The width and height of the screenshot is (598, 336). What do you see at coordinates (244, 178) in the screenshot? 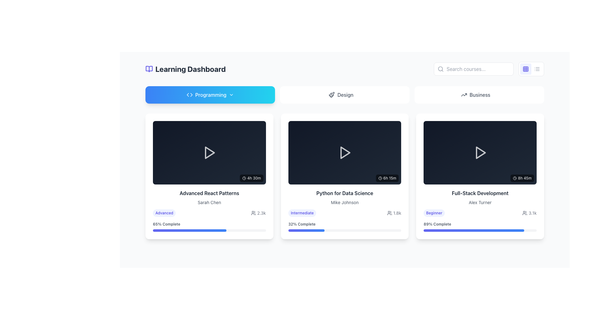
I see `the SVG circle element that represents the outer part of the clock icon located in the bottom-right section of the category panel` at bounding box center [244, 178].